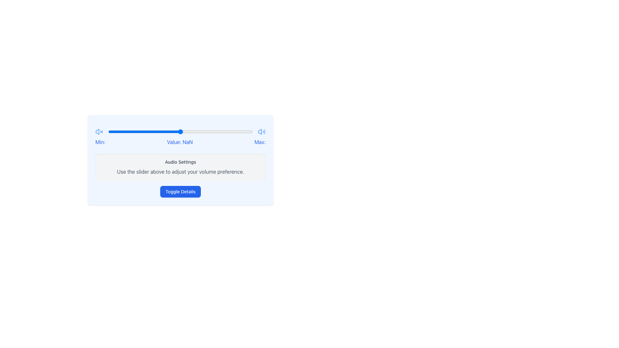 This screenshot has width=619, height=348. I want to click on the slider, so click(209, 131).